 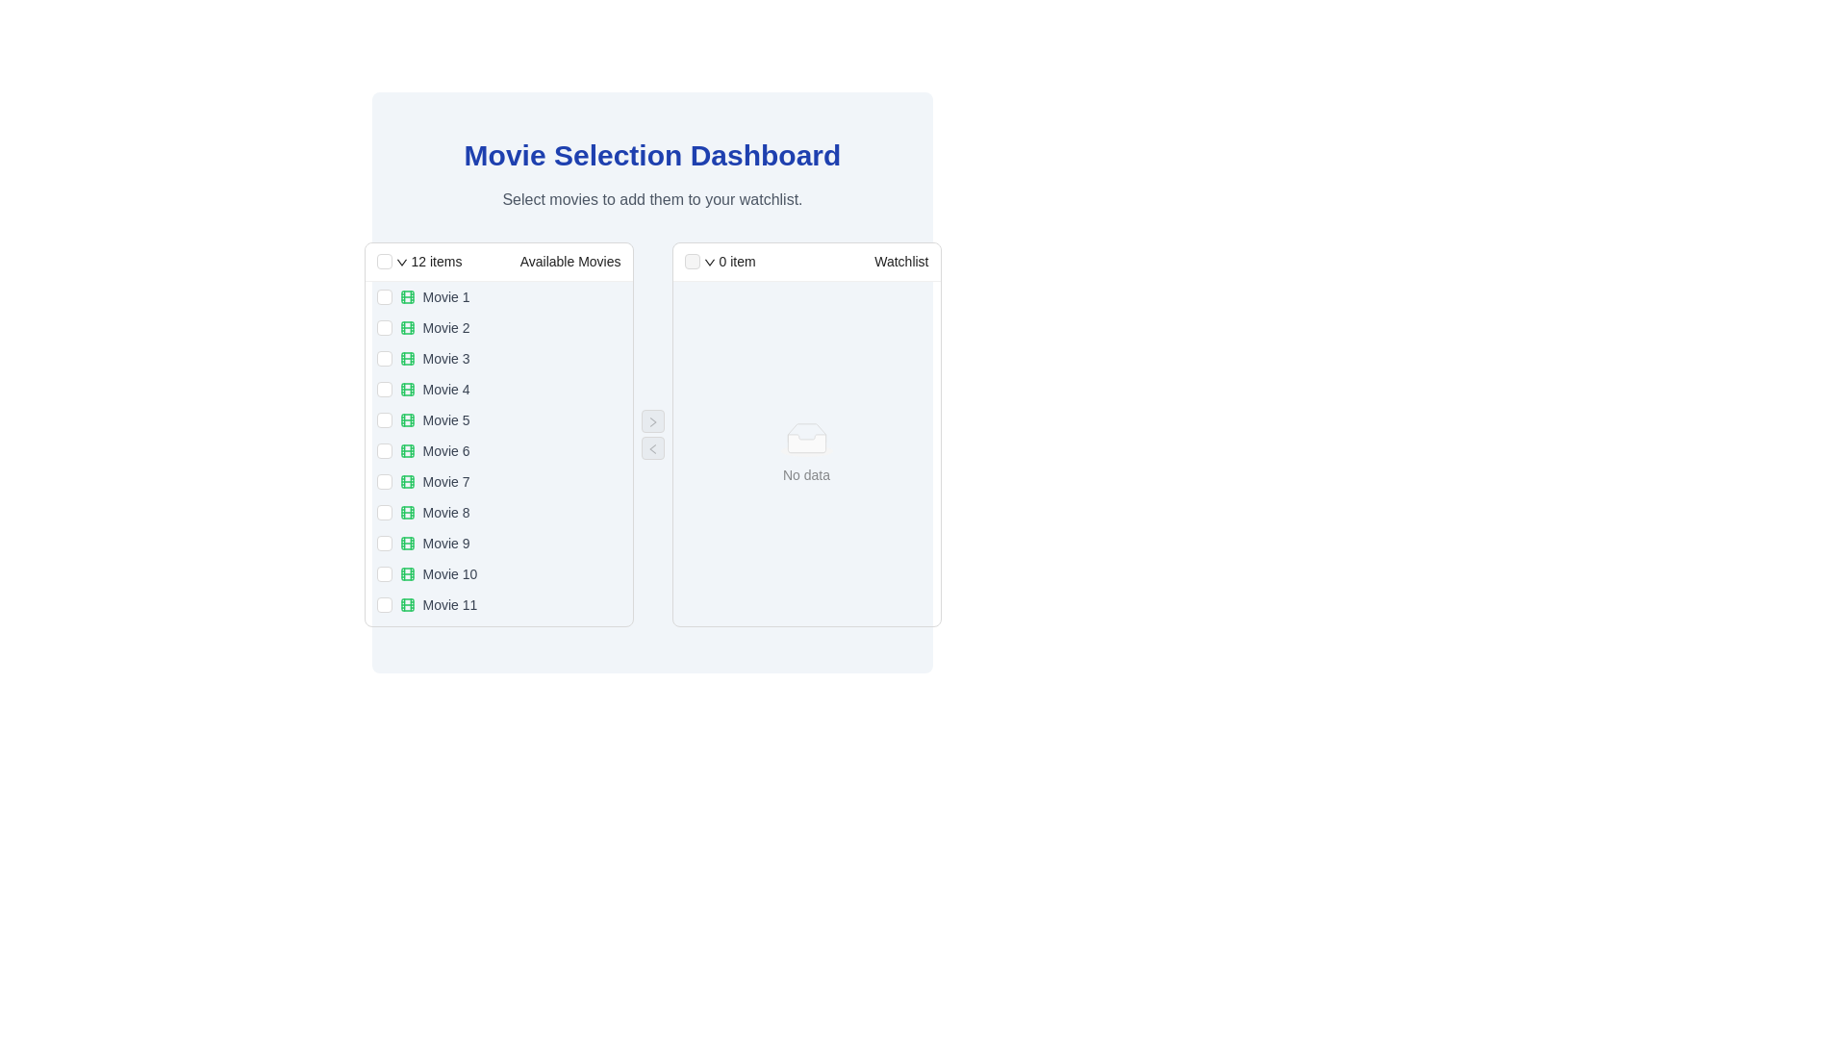 What do you see at coordinates (406, 481) in the screenshot?
I see `the green film reel icon next to the 'Movie 7' label in the 'Available Movies' list on the dashboard` at bounding box center [406, 481].